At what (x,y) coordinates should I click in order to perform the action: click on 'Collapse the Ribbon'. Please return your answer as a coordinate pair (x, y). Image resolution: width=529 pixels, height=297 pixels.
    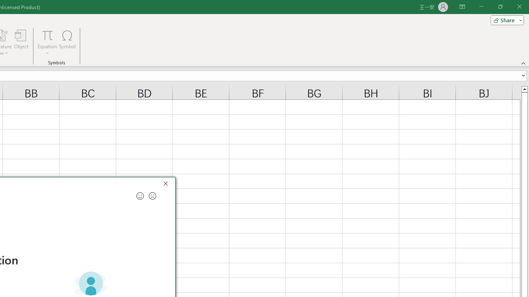
    Looking at the image, I should click on (523, 63).